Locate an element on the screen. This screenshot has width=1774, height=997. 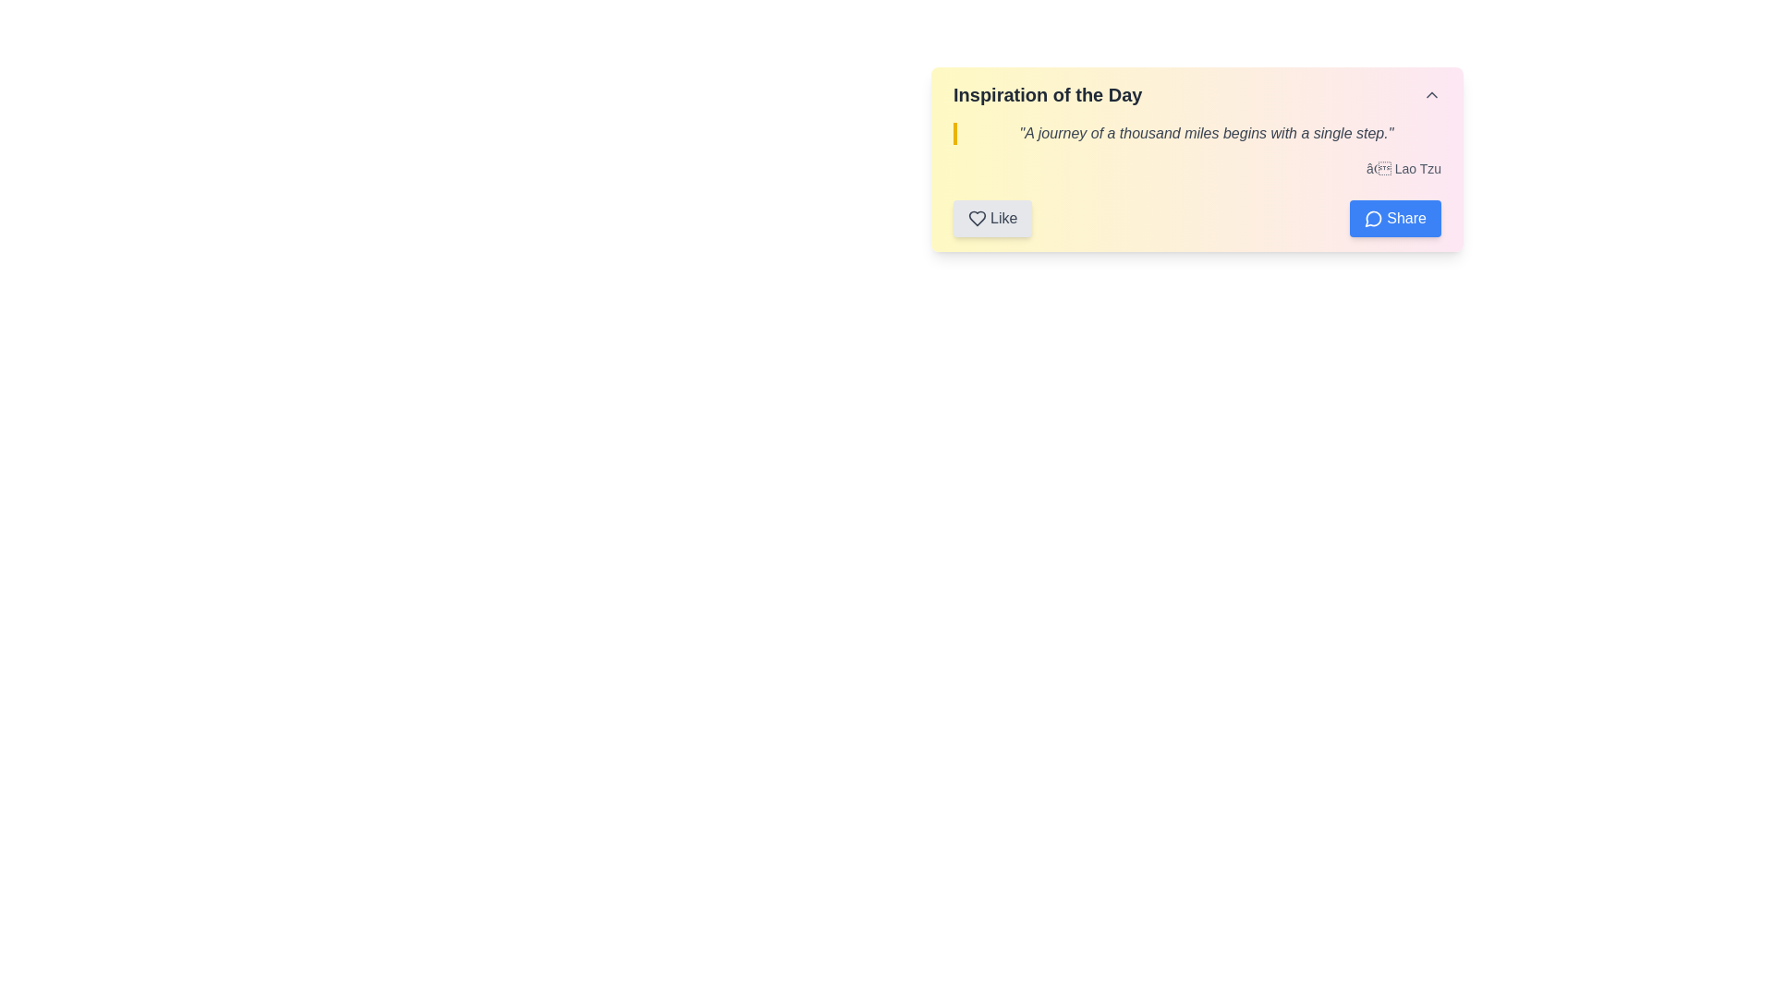
text 'Like' from the text label within the button-like UI component located at the bottom-left corner of a card displaying an inspirational quote is located at coordinates (1002, 217).